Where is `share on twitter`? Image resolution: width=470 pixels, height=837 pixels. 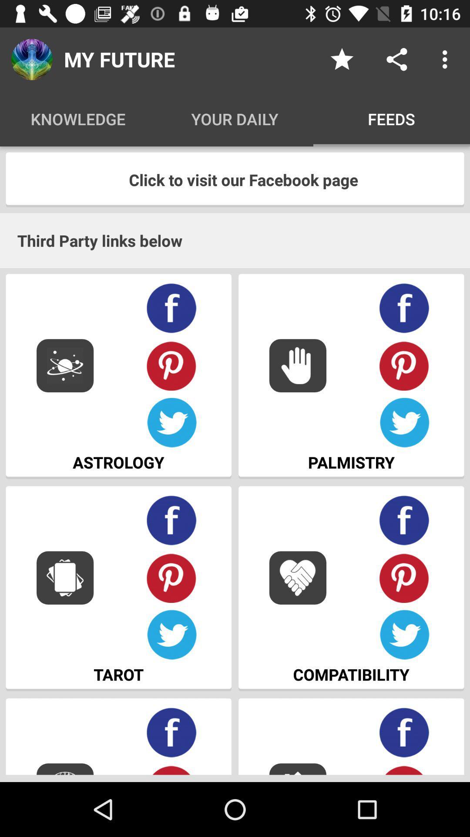 share on twitter is located at coordinates (404, 635).